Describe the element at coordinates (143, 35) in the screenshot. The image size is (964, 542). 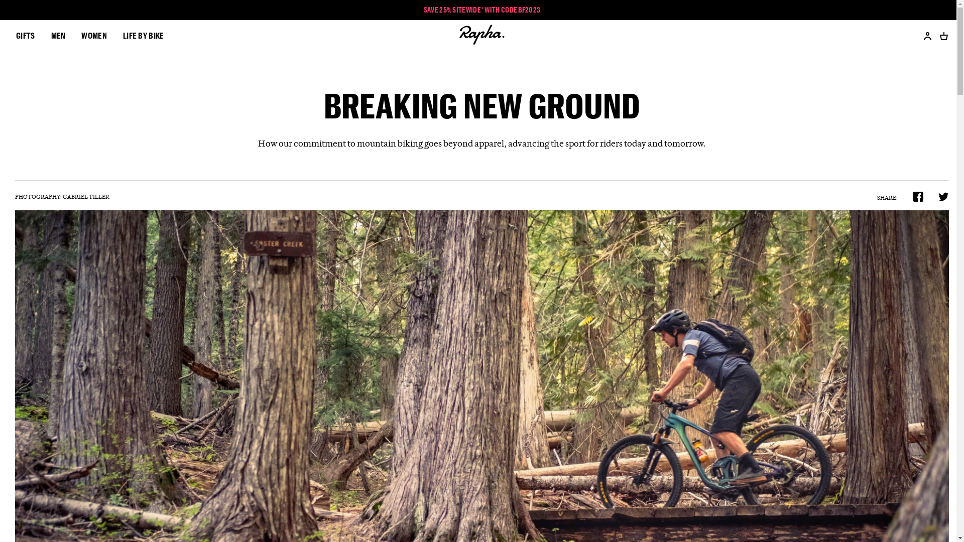
I see `'LIFE BY BIKE'` at that location.